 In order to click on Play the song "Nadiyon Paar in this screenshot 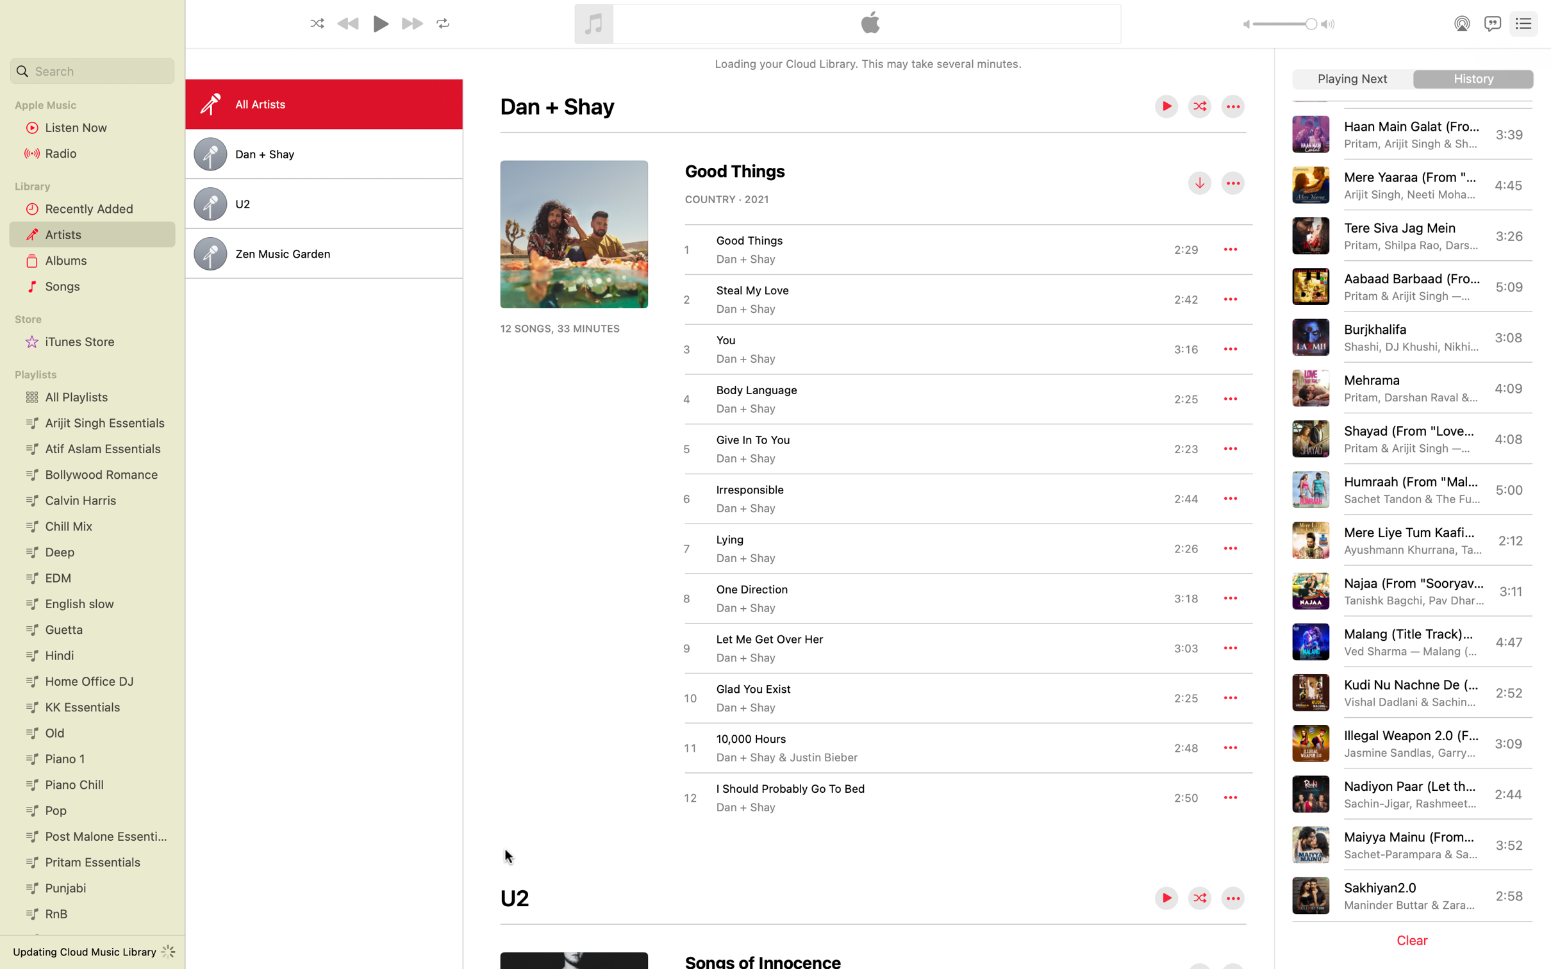, I will do `click(1409, 793)`.